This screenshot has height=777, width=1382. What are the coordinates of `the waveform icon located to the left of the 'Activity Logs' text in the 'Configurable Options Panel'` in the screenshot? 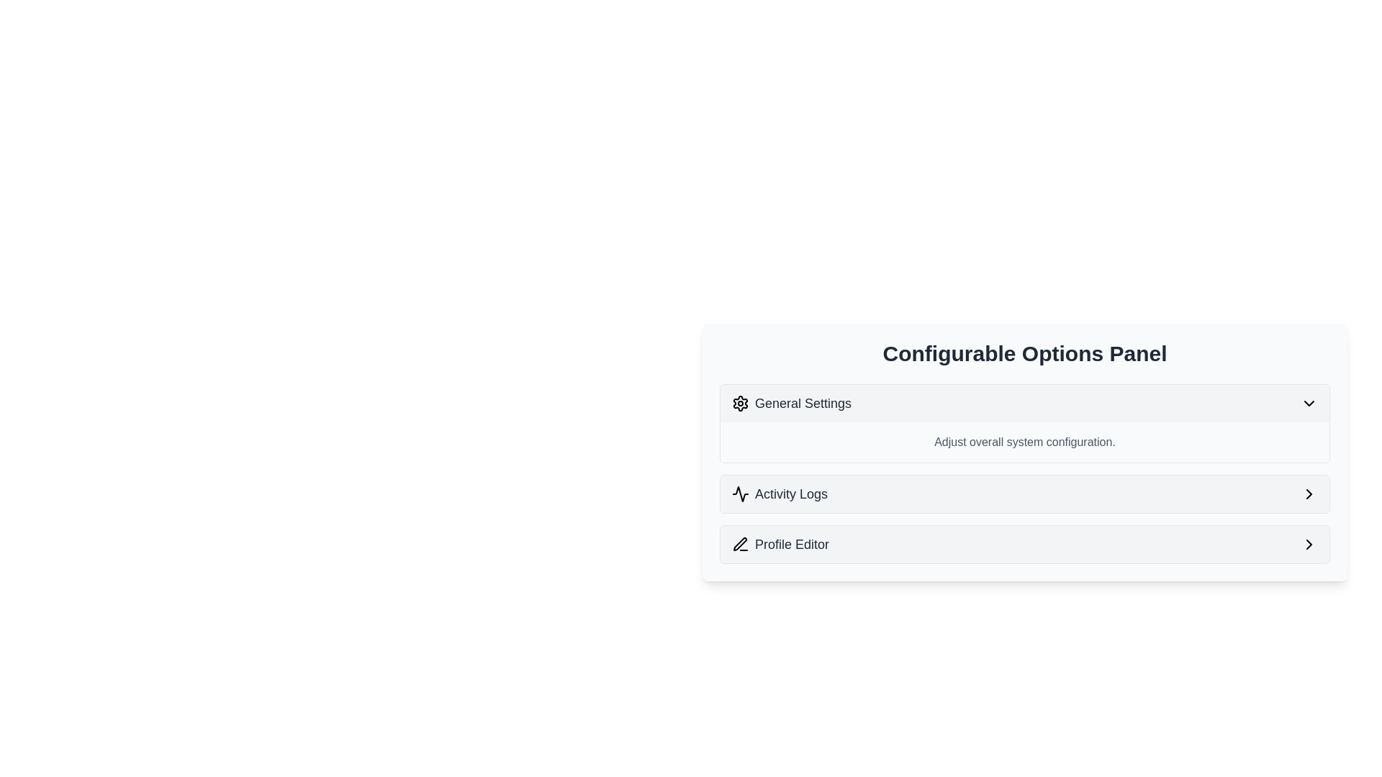 It's located at (740, 493).